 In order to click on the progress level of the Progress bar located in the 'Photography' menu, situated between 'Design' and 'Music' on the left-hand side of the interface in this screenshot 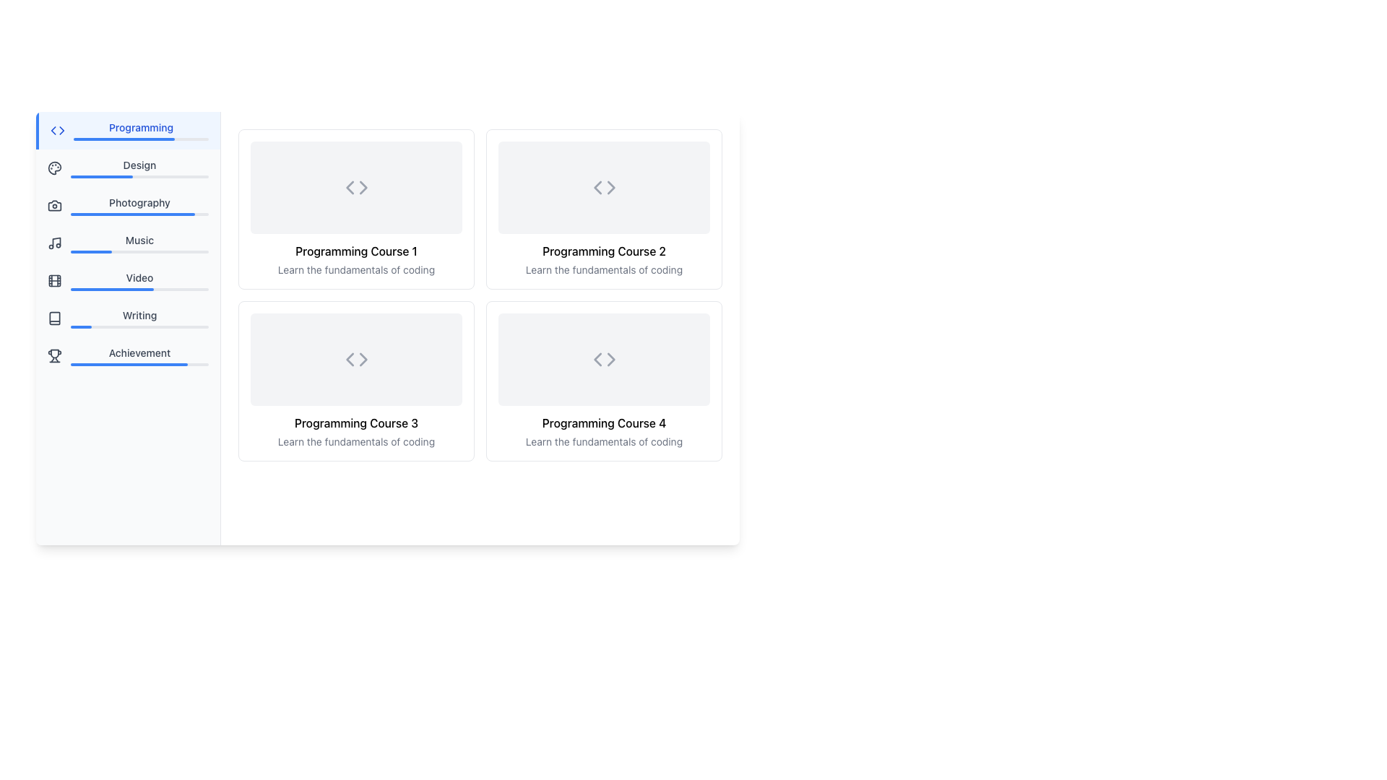, I will do `click(132, 214)`.